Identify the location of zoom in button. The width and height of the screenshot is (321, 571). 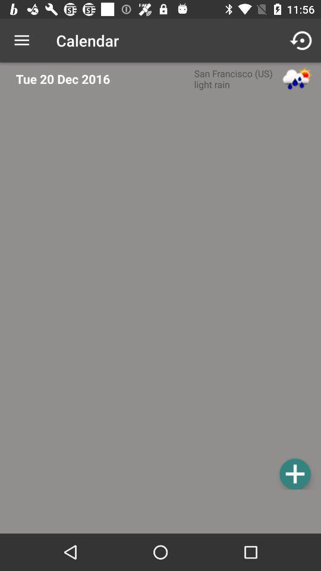
(163, 293).